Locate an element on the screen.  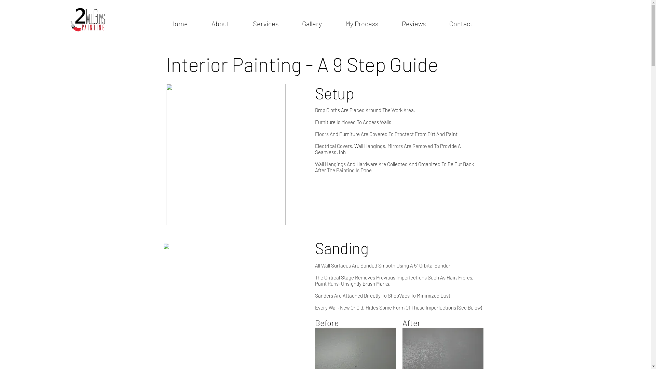
'About' is located at coordinates (199, 23).